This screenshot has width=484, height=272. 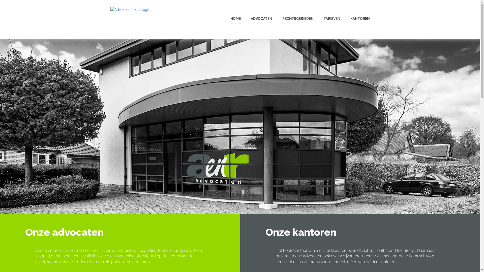 I want to click on 'RECHTSGEBIEDEN', so click(x=298, y=18).